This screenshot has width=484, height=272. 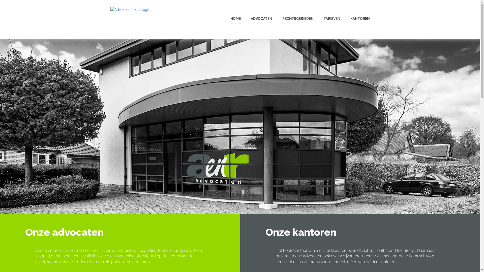 I want to click on 'RECHTSGEBIEDEN', so click(x=298, y=18).